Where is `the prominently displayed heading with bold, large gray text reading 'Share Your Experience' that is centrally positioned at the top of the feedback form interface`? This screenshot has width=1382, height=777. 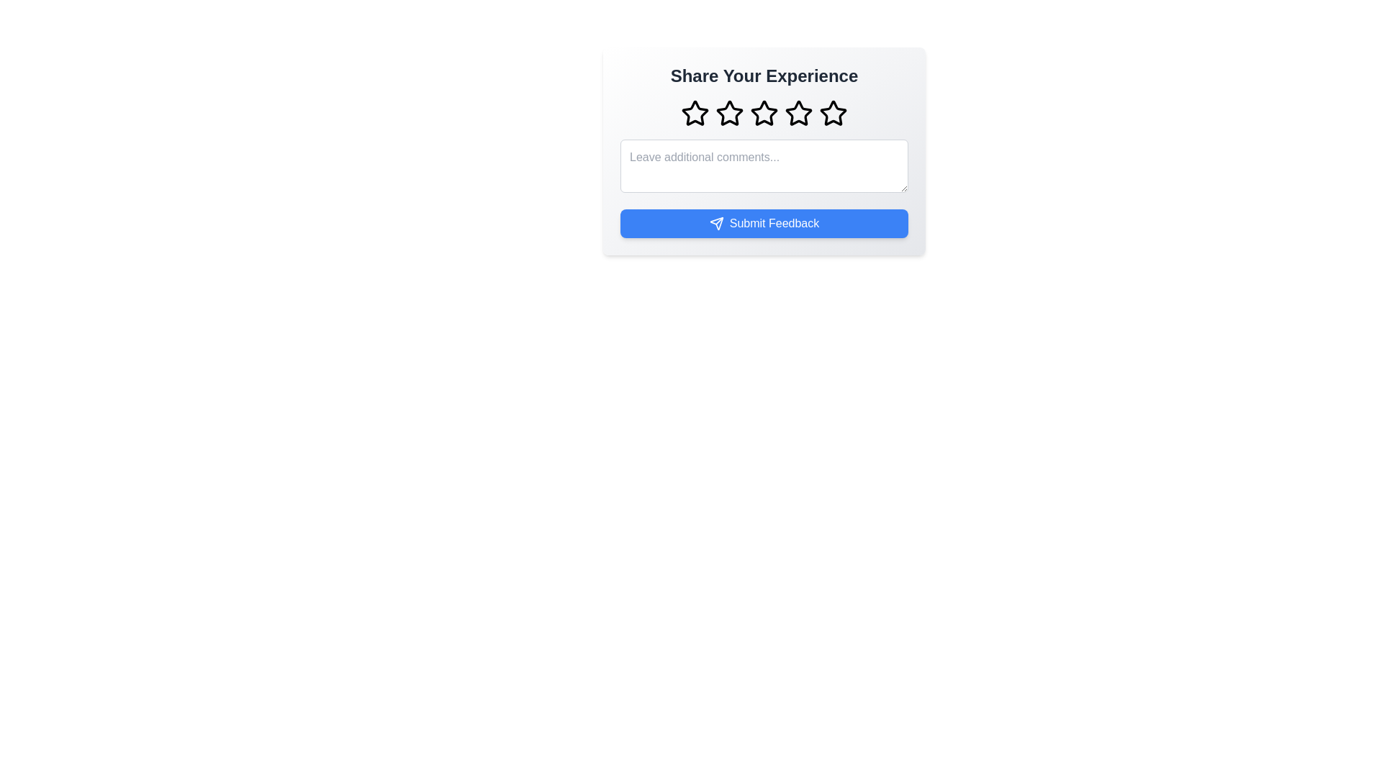 the prominently displayed heading with bold, large gray text reading 'Share Your Experience' that is centrally positioned at the top of the feedback form interface is located at coordinates (763, 76).